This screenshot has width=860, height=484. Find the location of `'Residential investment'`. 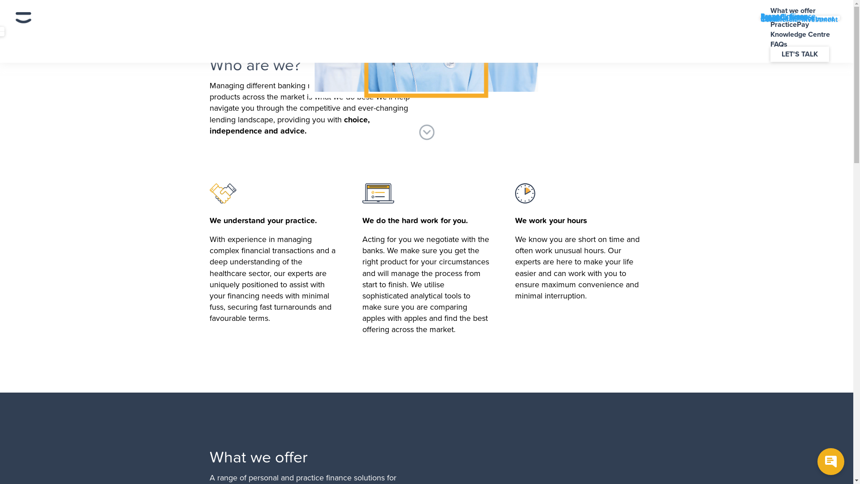

'Residential investment' is located at coordinates (760, 19).